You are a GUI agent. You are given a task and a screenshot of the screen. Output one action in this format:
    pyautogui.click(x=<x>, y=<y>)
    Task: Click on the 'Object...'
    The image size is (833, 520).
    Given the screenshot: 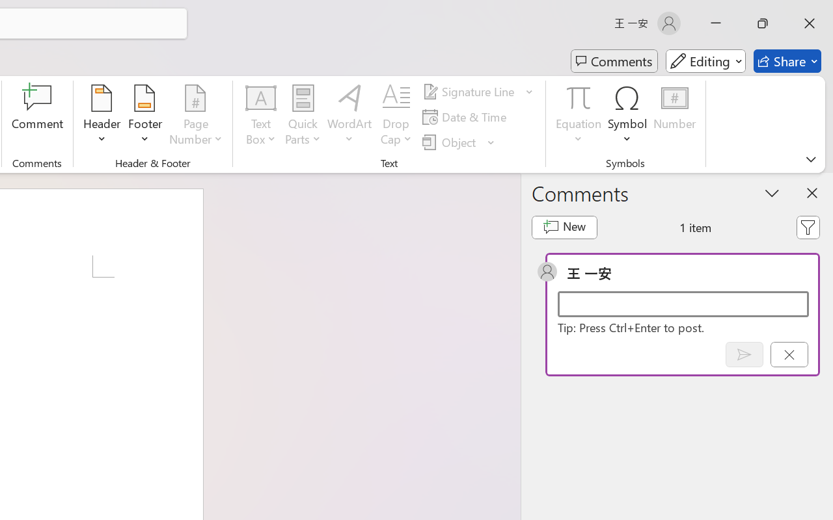 What is the action you would take?
    pyautogui.click(x=459, y=142)
    